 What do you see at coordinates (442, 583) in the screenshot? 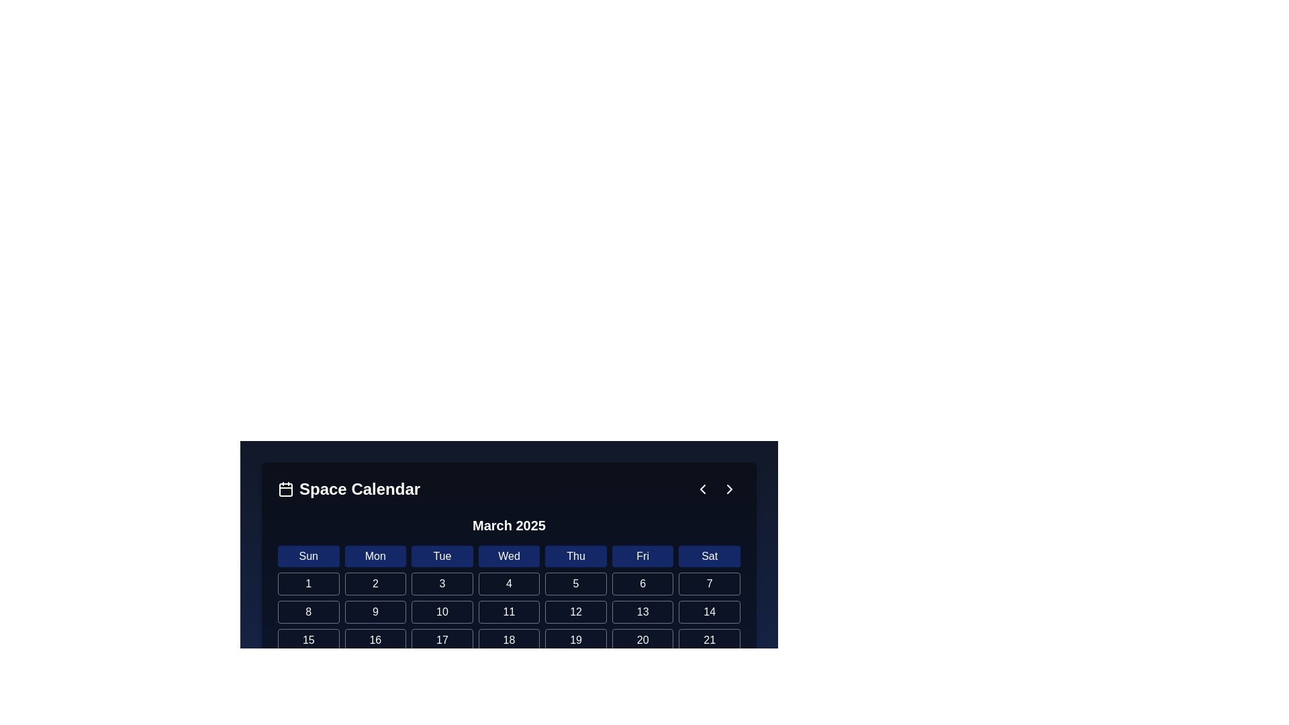
I see `the static text component representing the calendar date '3' located in the second row of the calendar grid below 'Tue'` at bounding box center [442, 583].